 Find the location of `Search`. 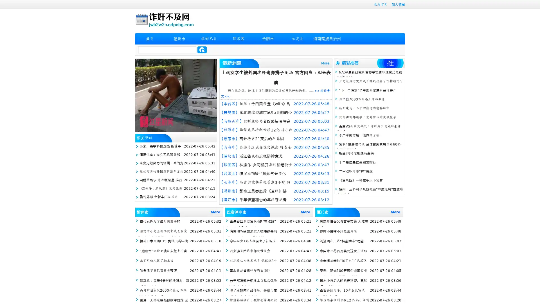

Search is located at coordinates (202, 50).